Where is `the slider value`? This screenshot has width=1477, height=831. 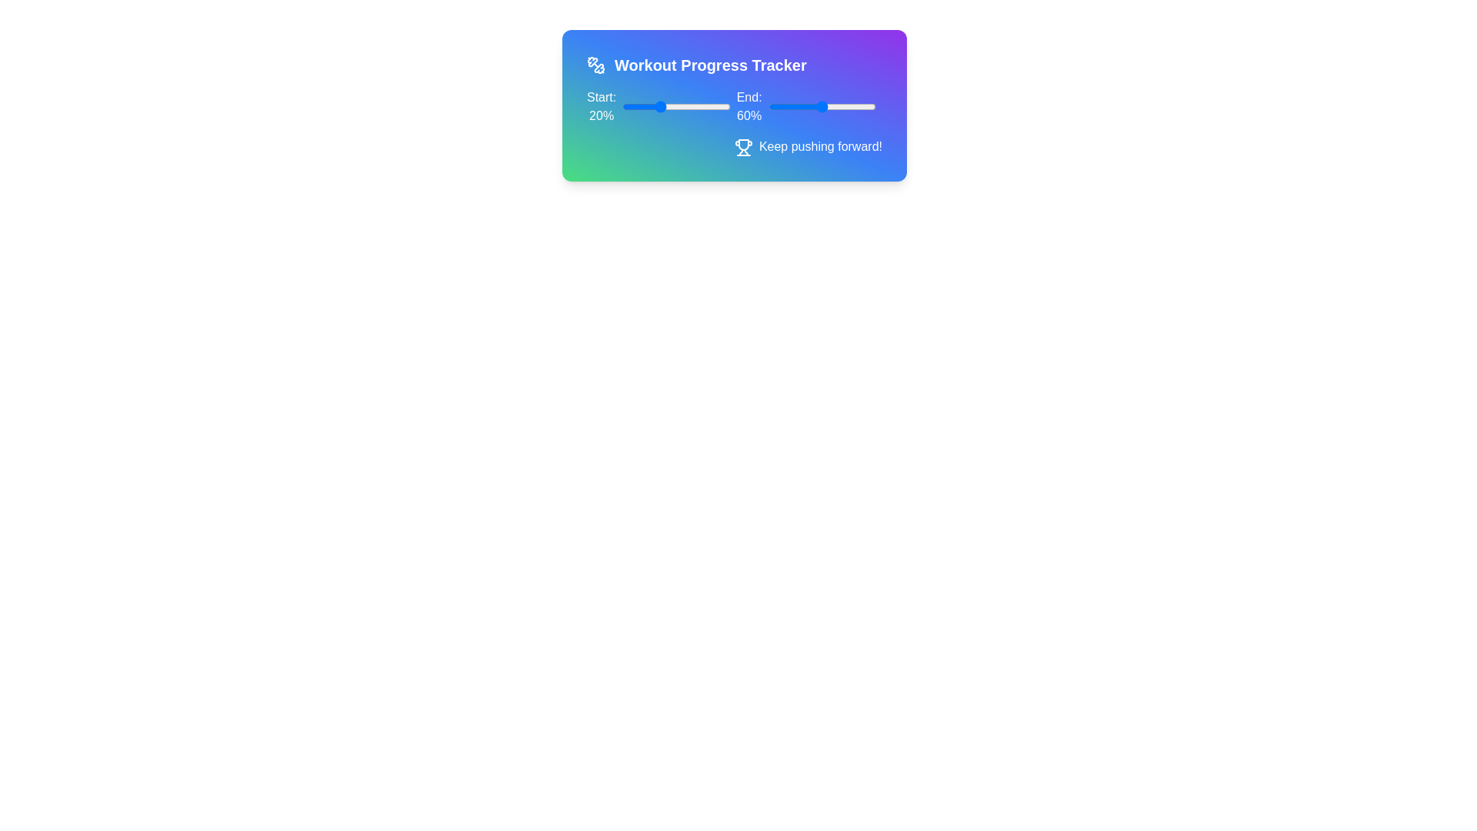
the slider value is located at coordinates (704, 105).